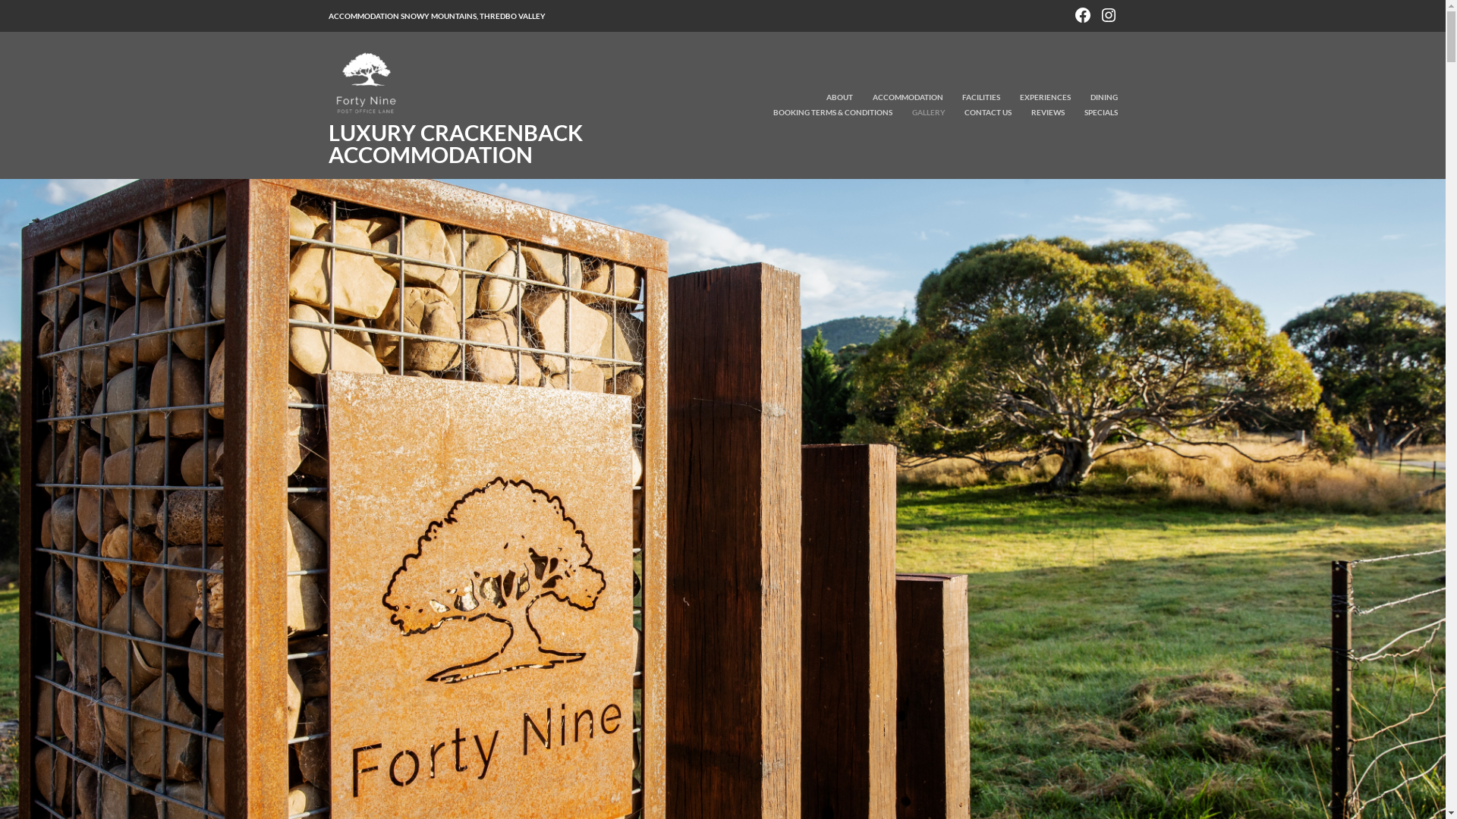 The height and width of the screenshot is (819, 1457). What do you see at coordinates (1035, 97) in the screenshot?
I see `'EXPERIENCES'` at bounding box center [1035, 97].